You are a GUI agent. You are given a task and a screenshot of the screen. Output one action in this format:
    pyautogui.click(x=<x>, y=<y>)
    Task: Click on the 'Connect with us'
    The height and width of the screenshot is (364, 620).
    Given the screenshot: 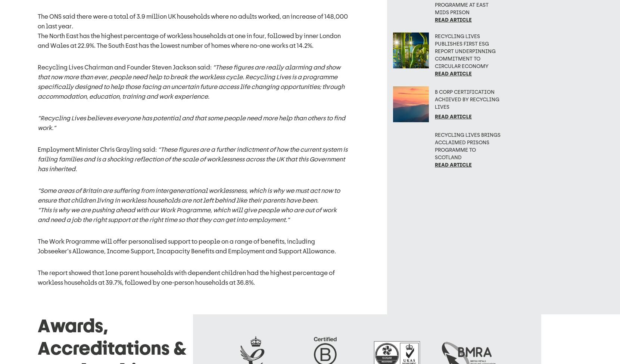 What is the action you would take?
    pyautogui.click(x=378, y=147)
    